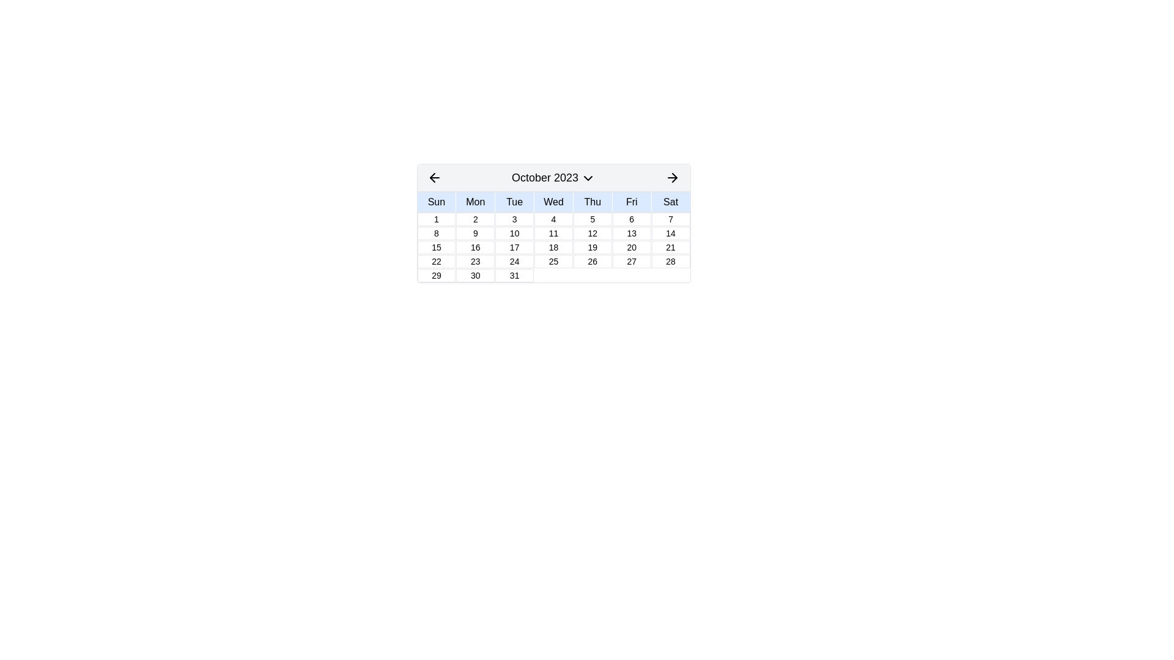  I want to click on the cell representing the date 11th of October 2023 in the calendar interface, so click(553, 233).